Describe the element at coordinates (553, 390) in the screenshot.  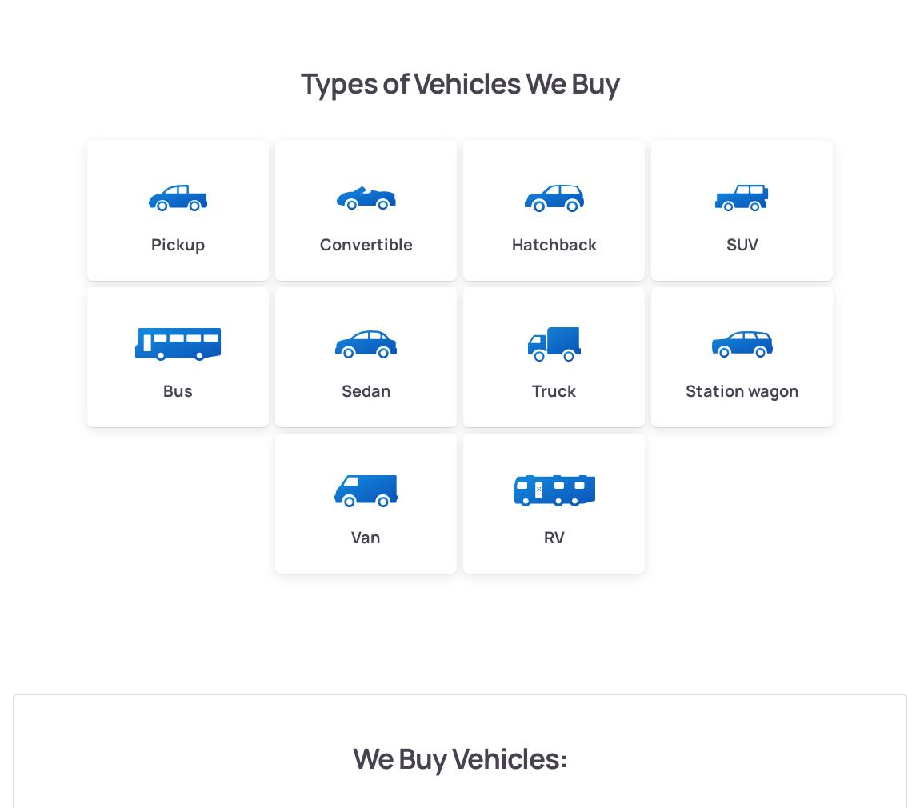
I see `'Truck'` at that location.